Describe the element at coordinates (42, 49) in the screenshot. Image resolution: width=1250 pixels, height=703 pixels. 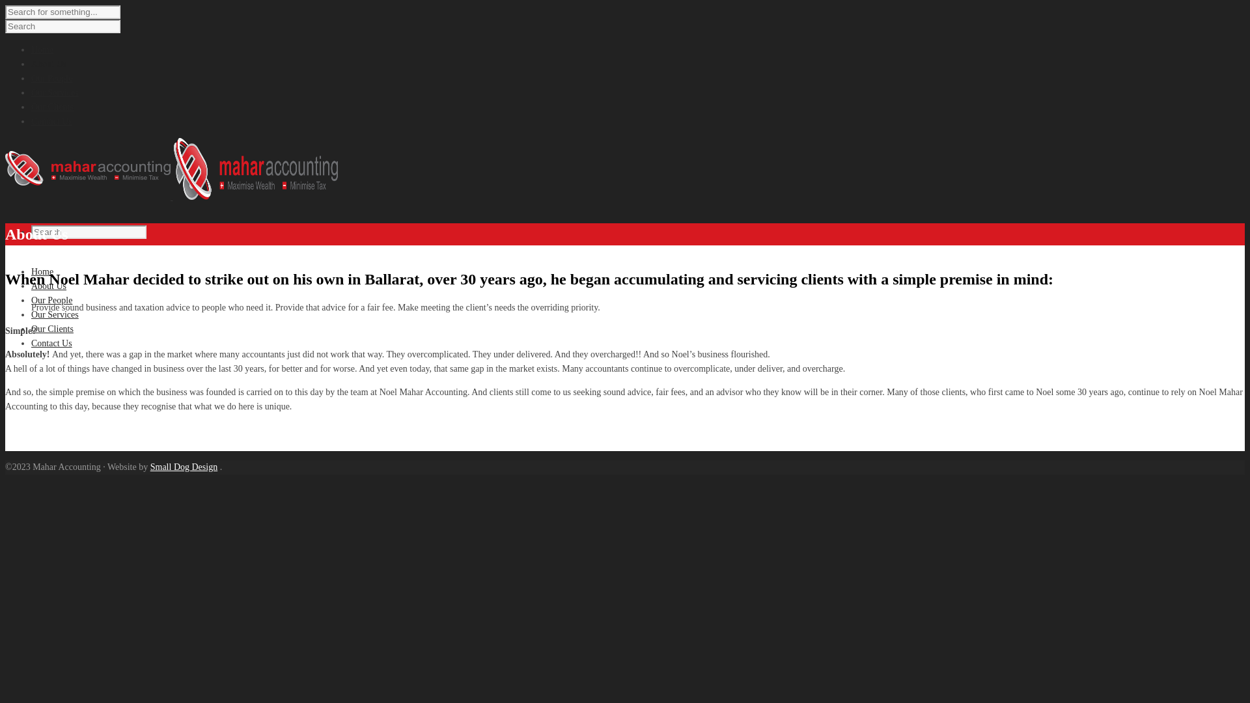
I see `'Home'` at that location.